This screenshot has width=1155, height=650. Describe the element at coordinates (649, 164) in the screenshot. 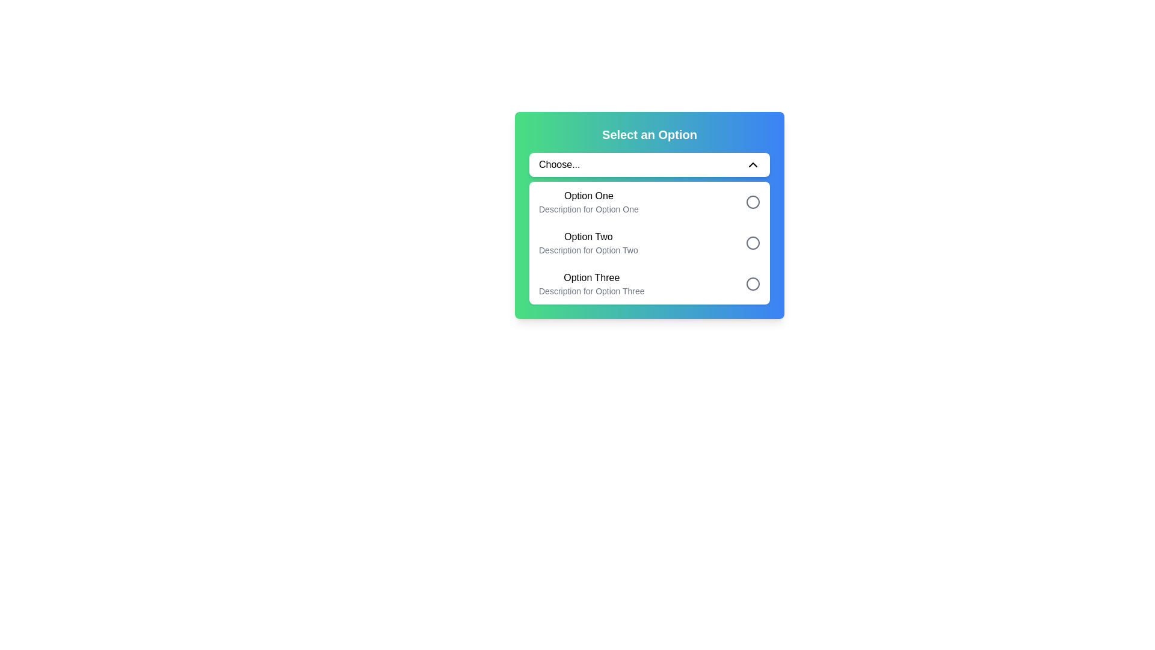

I see `the dropdown menu labeled 'Choose...'` at that location.